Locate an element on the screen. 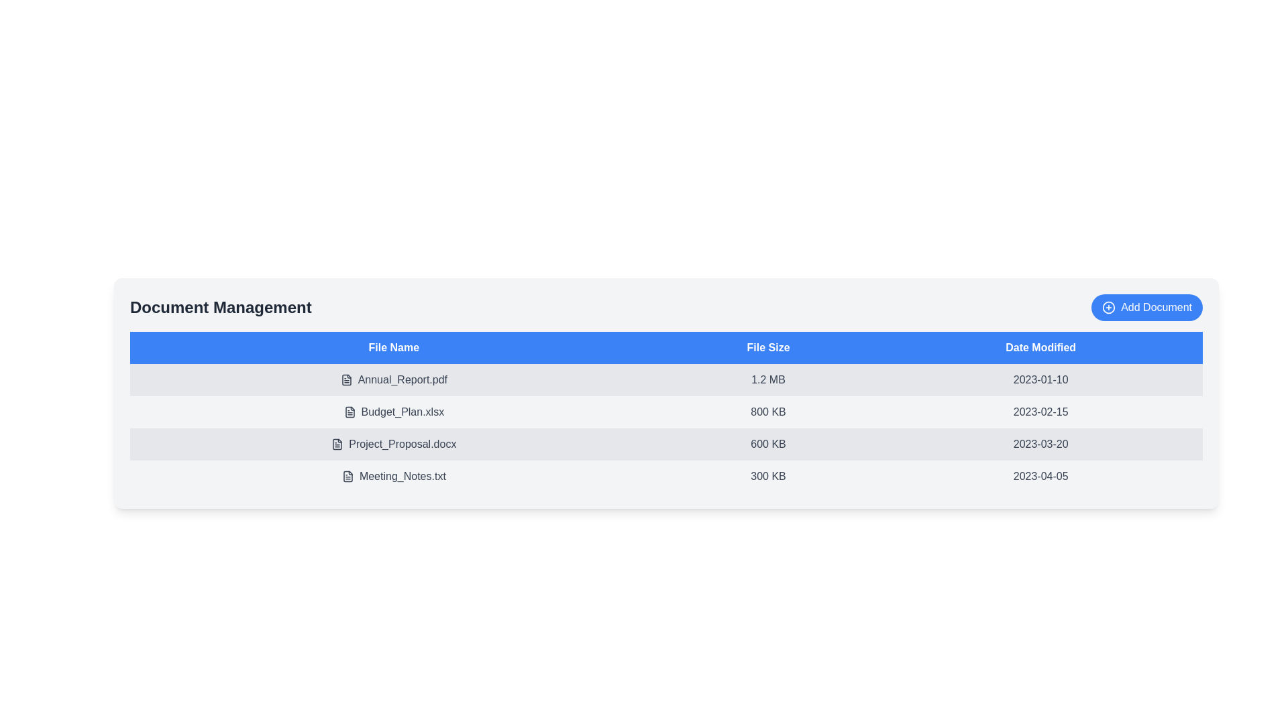 This screenshot has height=724, width=1288. the document name Project_Proposal.docx to view or download the file is located at coordinates (393, 444).